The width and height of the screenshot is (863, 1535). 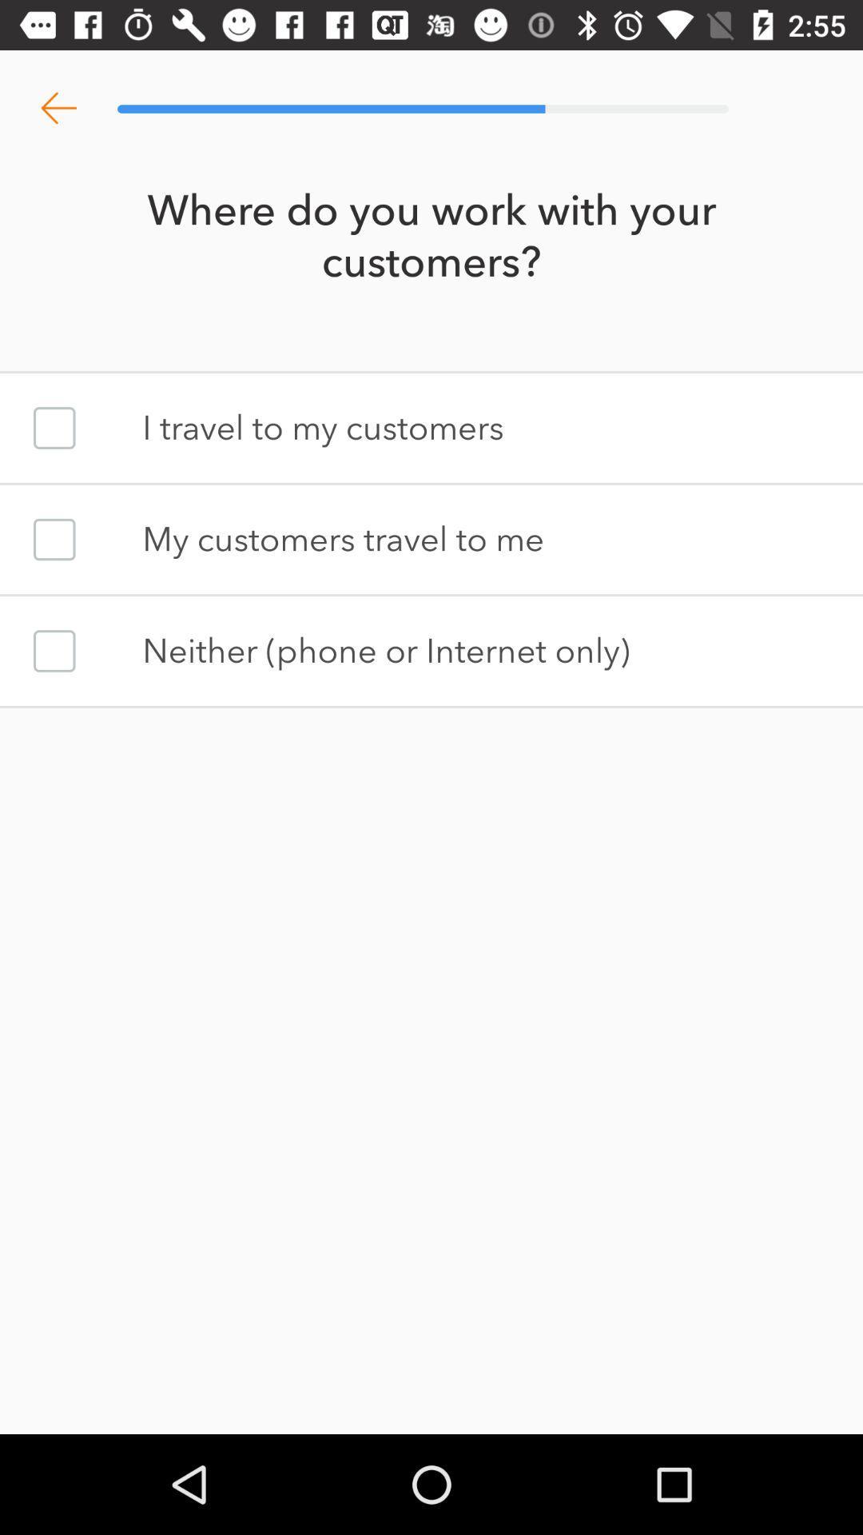 I want to click on choose where you do work with your customers, so click(x=54, y=428).